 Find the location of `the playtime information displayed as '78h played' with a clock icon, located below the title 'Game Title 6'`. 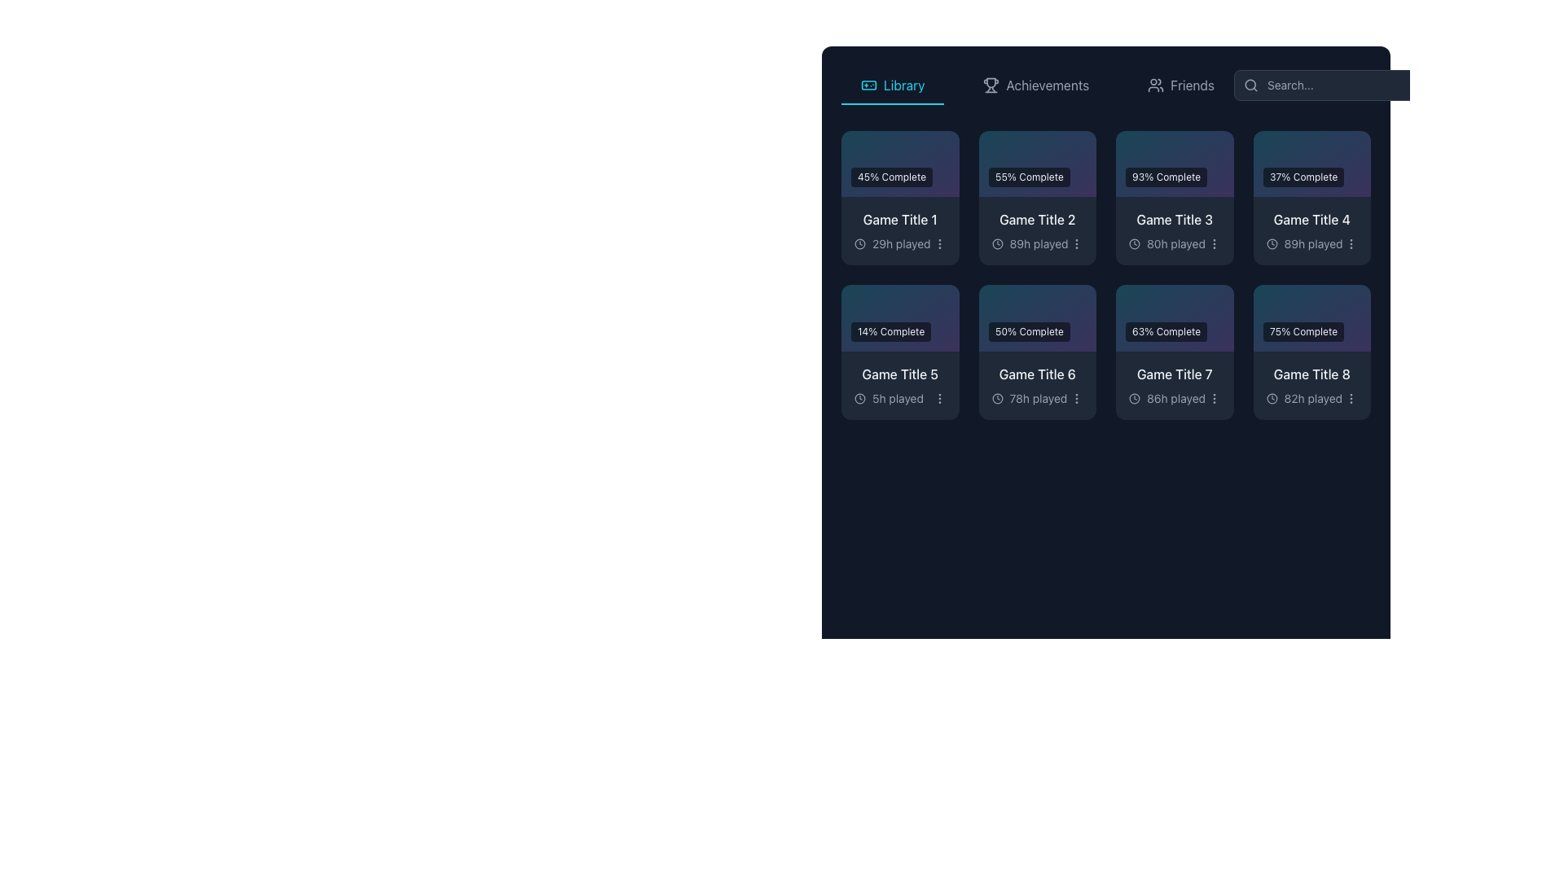

the playtime information displayed as '78h played' with a clock icon, located below the title 'Game Title 6' is located at coordinates (1036, 398).